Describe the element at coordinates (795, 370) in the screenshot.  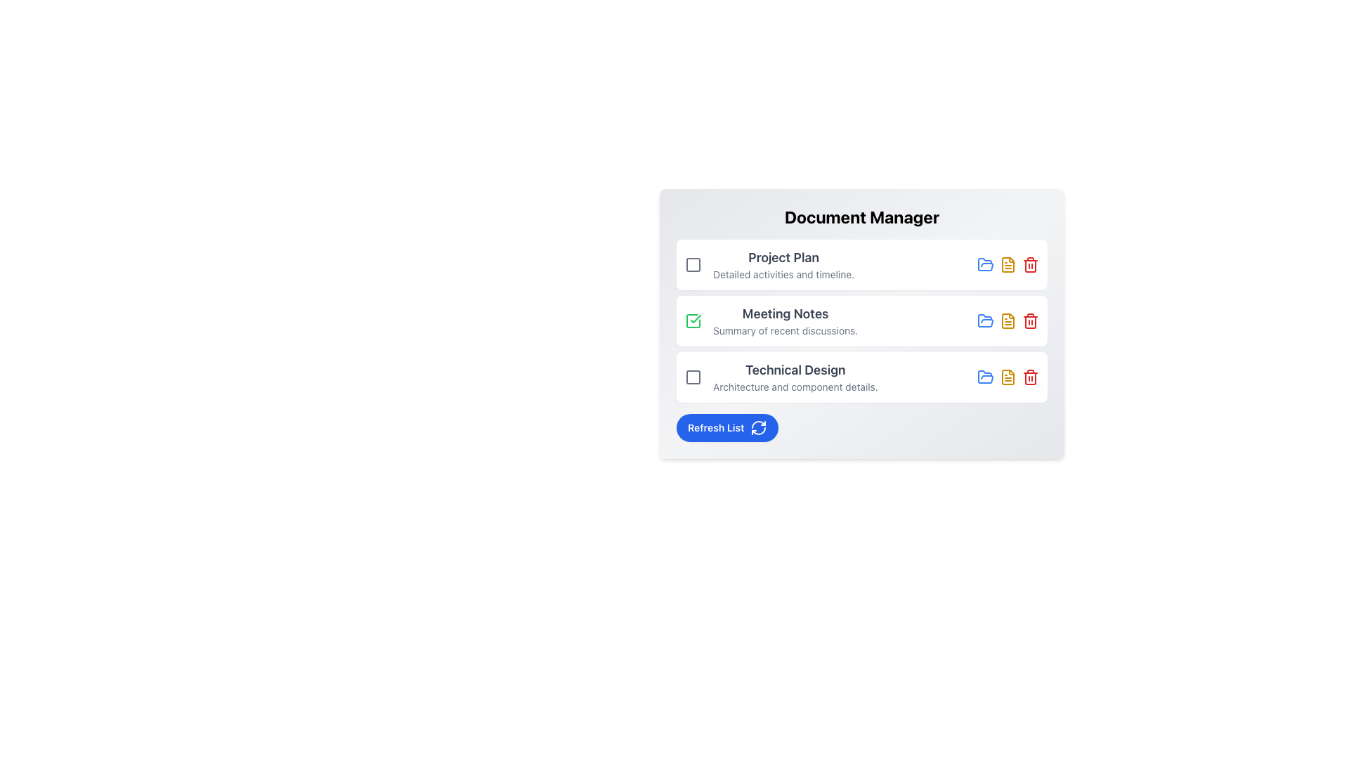
I see `the Text Label that identifies the 'Technical Design' item in the Document Manager section, positioned between 'Meeting Notes' and 'Refresh List'` at that location.